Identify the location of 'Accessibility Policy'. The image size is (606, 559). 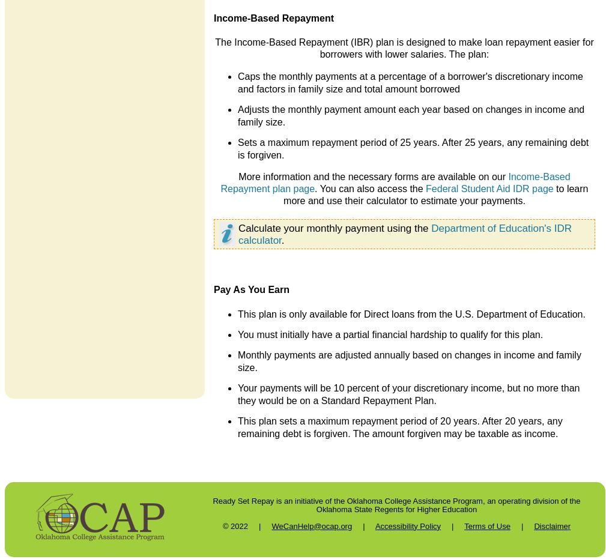
(407, 525).